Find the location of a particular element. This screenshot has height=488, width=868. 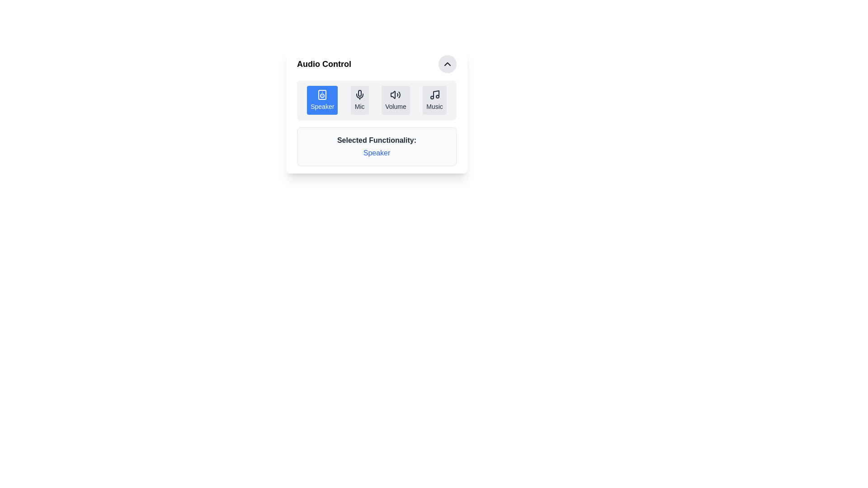

the Information display panel that shows the currently selected functionality as 'Speaker', located beneath the interactive icons for 'Speaker', 'Mic', 'Volume', and 'Music' is located at coordinates (377, 146).